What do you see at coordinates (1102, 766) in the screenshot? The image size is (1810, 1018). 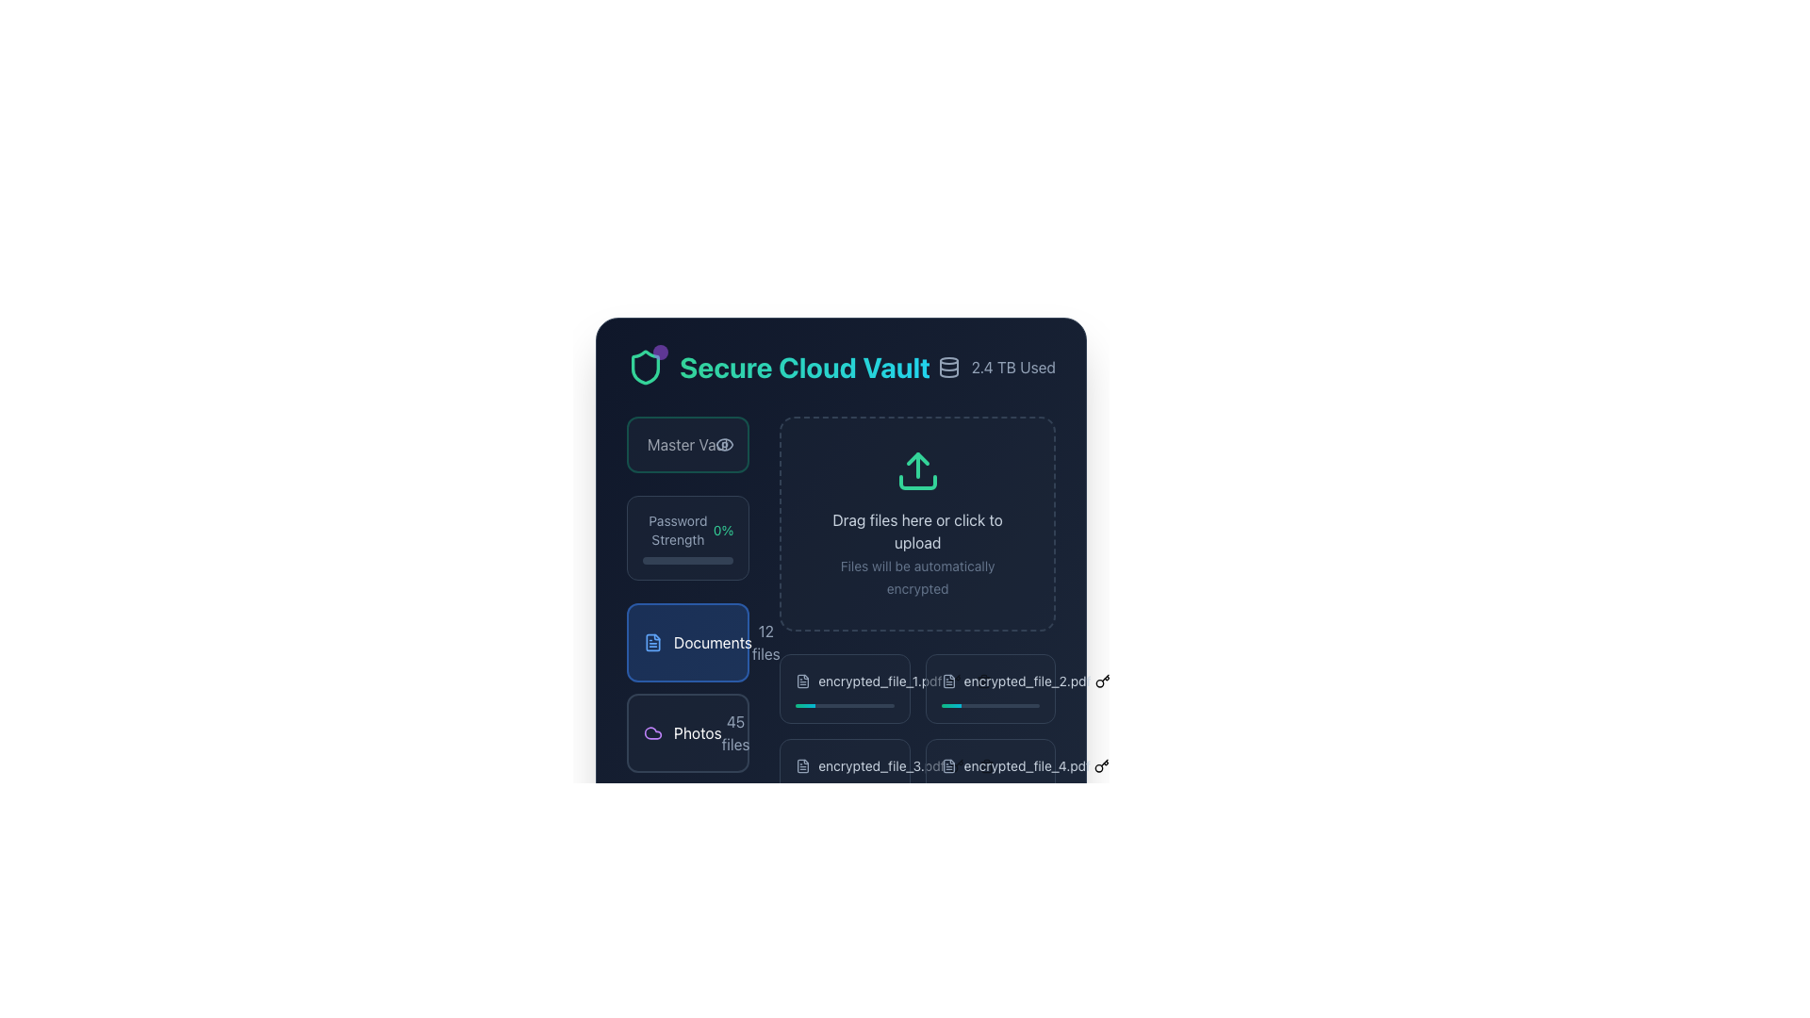 I see `the key icon located in the bottom-right corner of the interface, which represents encryption or security settings for the file 'encrypted_file_4.pdf'` at bounding box center [1102, 766].